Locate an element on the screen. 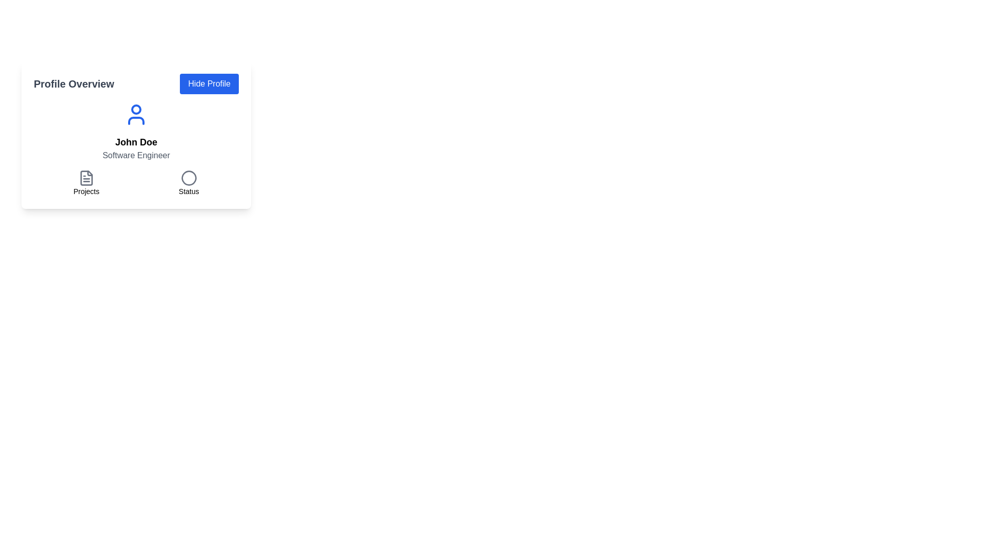  the circular icon above the text 'Status' in the 'Profile Overview' card is located at coordinates (189, 183).